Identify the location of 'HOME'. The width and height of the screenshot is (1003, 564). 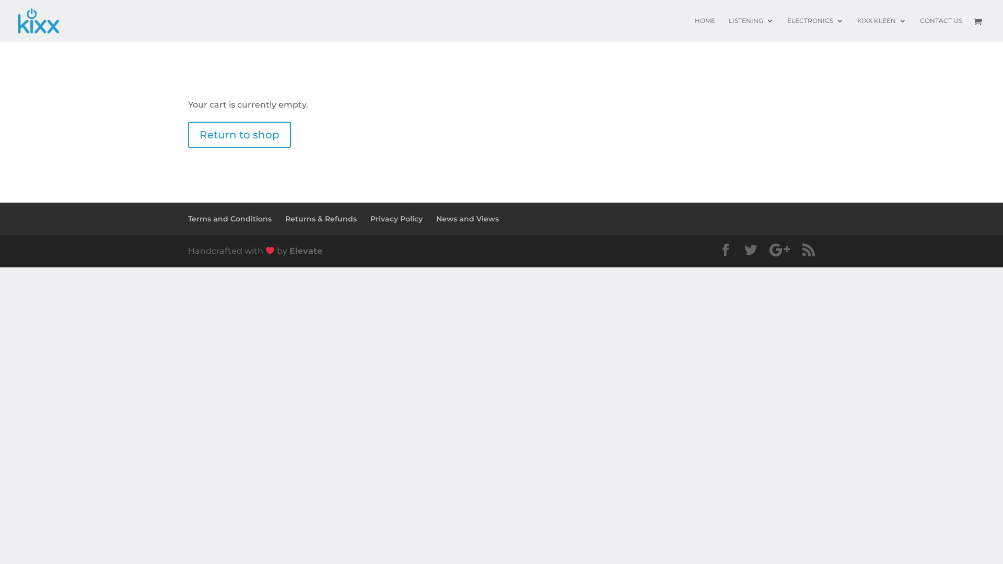
(705, 29).